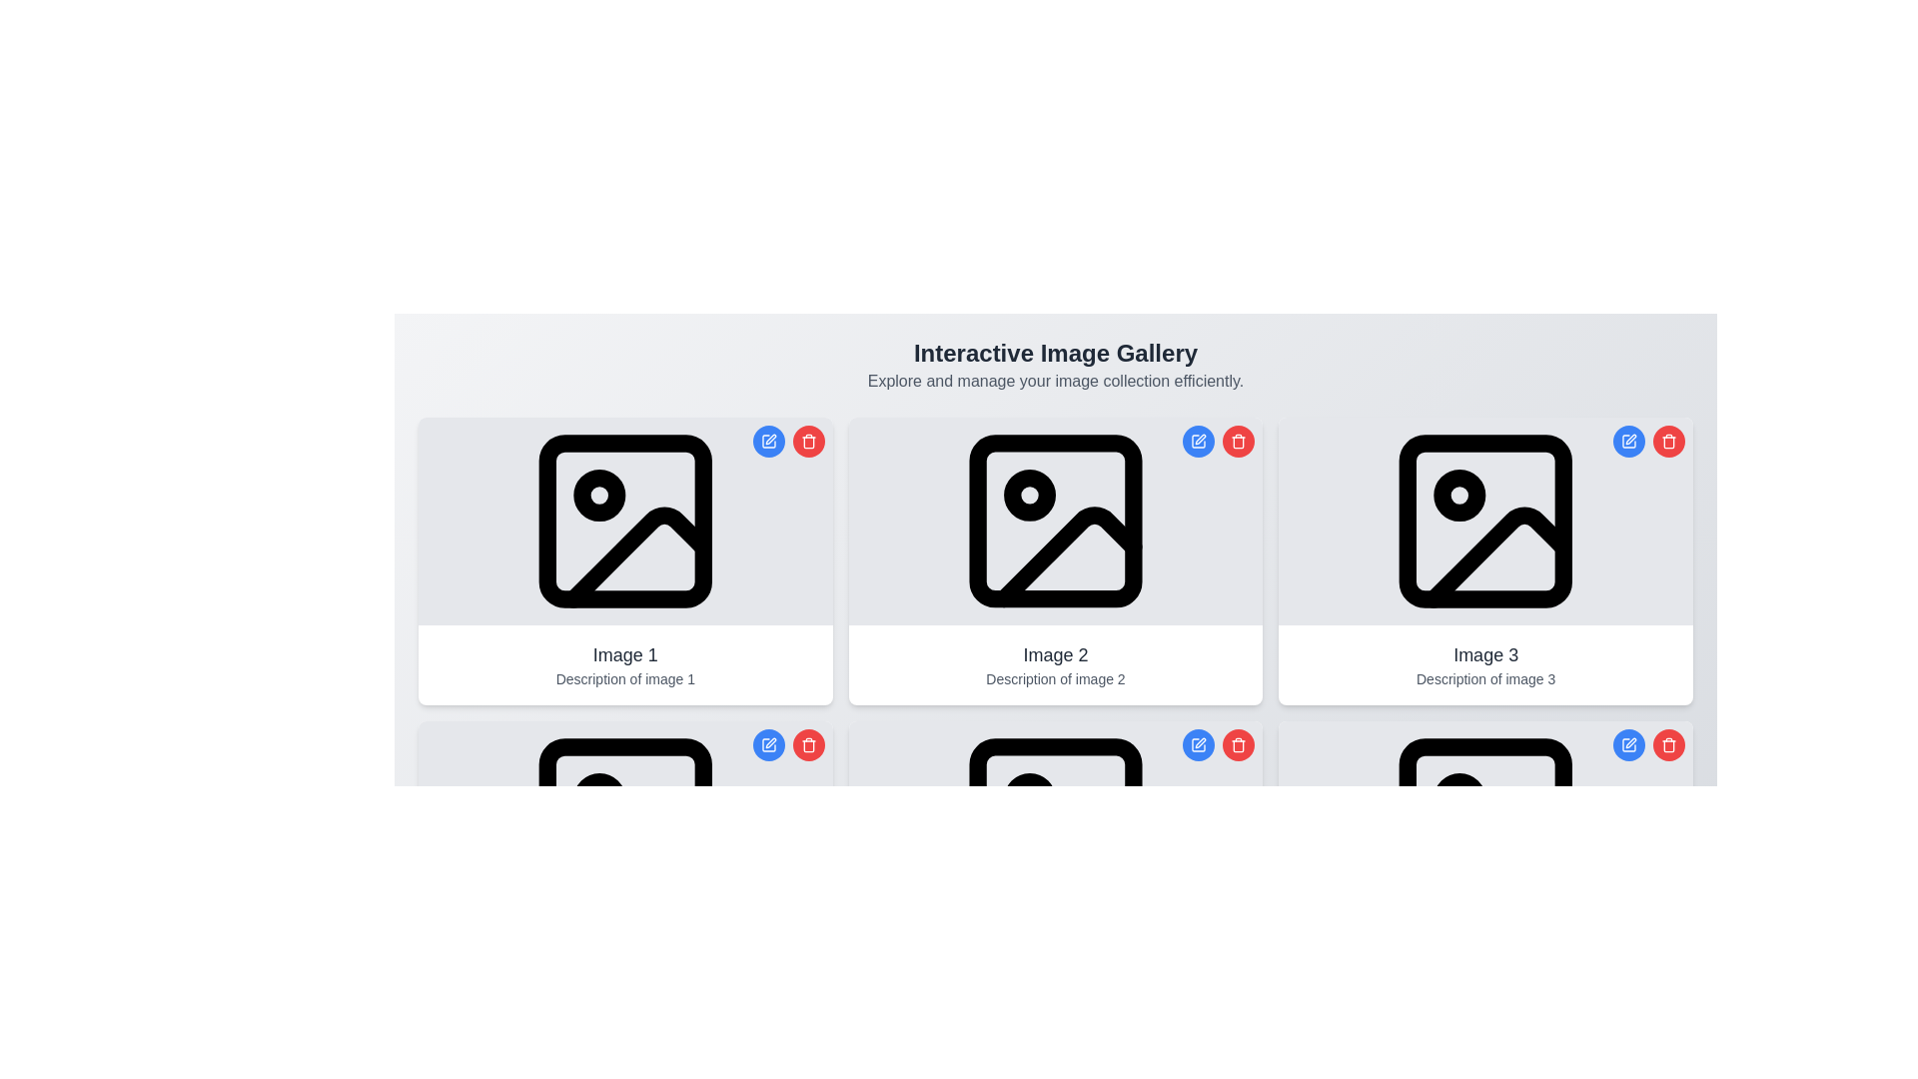 Image resolution: width=1918 pixels, height=1079 pixels. Describe the element at coordinates (1054, 381) in the screenshot. I see `the non-interactive text label that serves as an explanatory subtitle for the image gallery, positioned below the title 'Interactive Image Gallery'` at that location.